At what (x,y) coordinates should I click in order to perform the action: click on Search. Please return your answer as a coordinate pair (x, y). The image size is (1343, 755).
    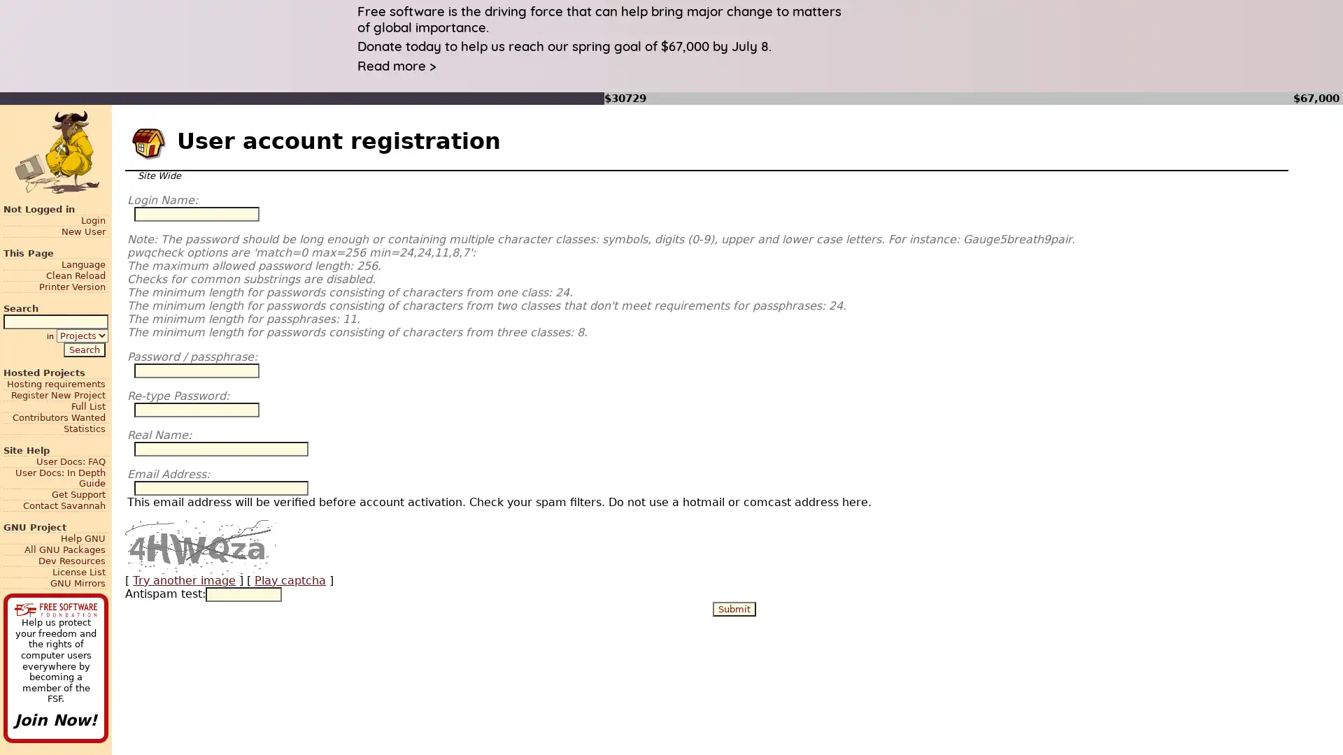
    Looking at the image, I should click on (83, 348).